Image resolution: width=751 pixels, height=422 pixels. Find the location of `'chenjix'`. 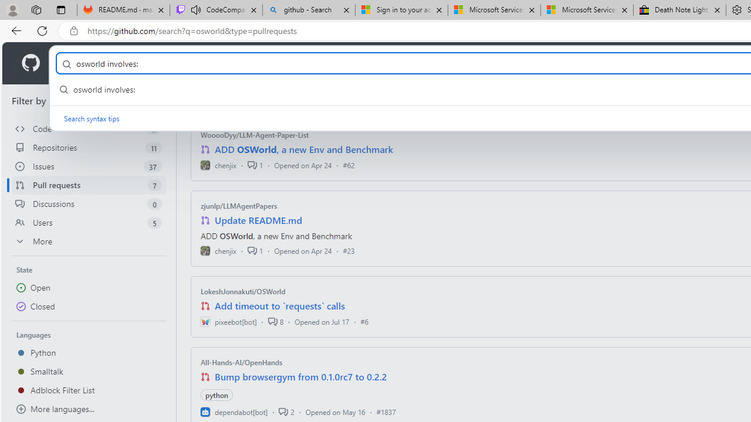

'chenjix' is located at coordinates (218, 250).